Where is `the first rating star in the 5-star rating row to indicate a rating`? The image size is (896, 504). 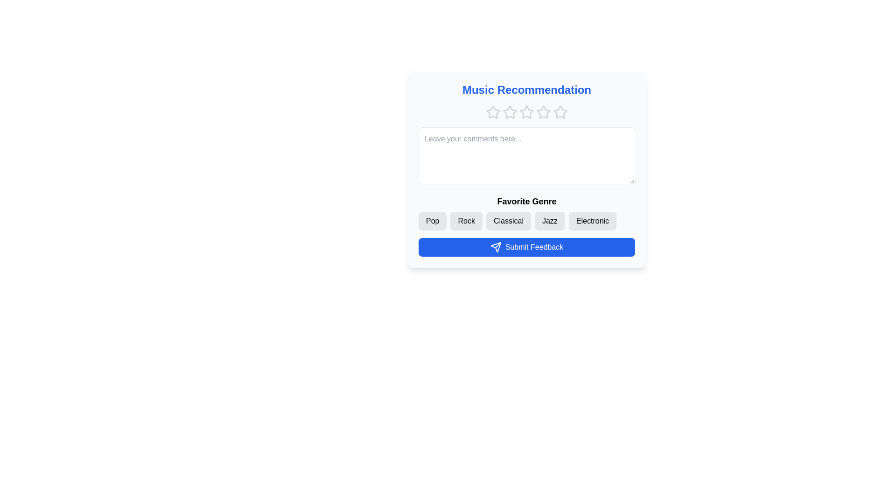 the first rating star in the 5-star rating row to indicate a rating is located at coordinates (492, 112).